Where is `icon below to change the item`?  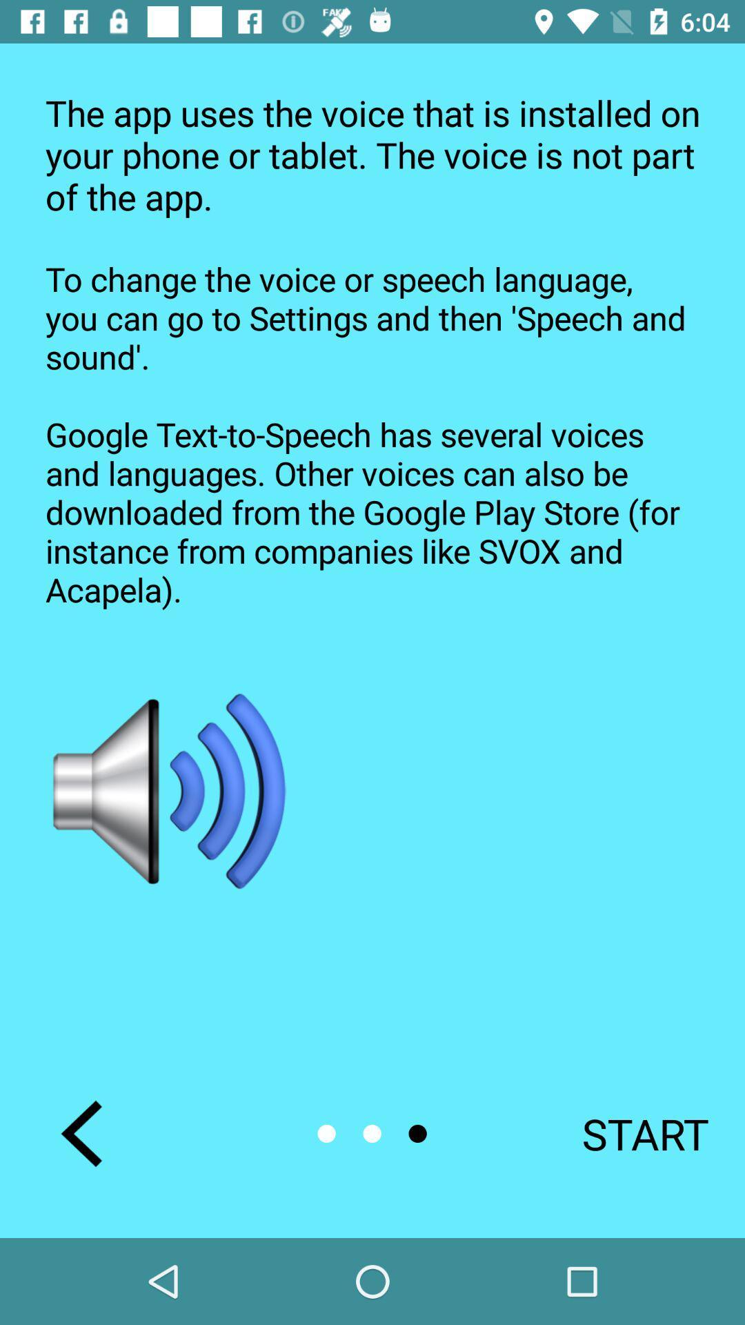 icon below to change the item is located at coordinates (627, 1133).